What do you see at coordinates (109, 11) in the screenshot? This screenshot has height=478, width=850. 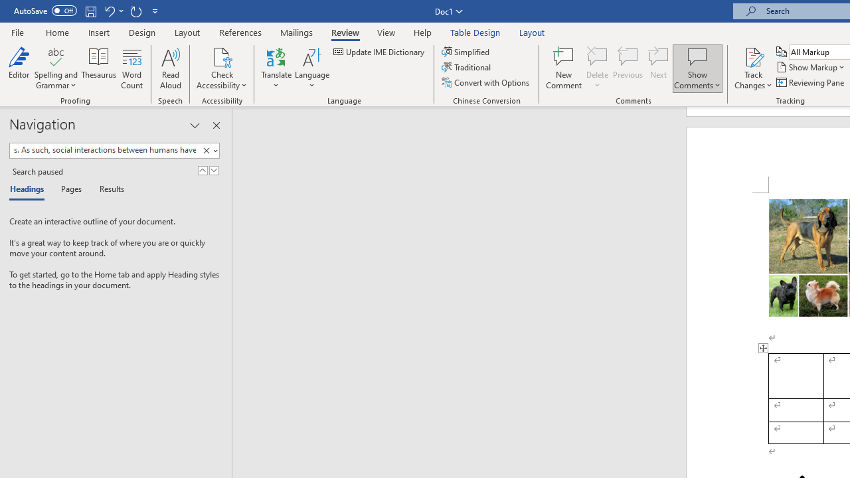 I see `'Undo Style'` at bounding box center [109, 11].